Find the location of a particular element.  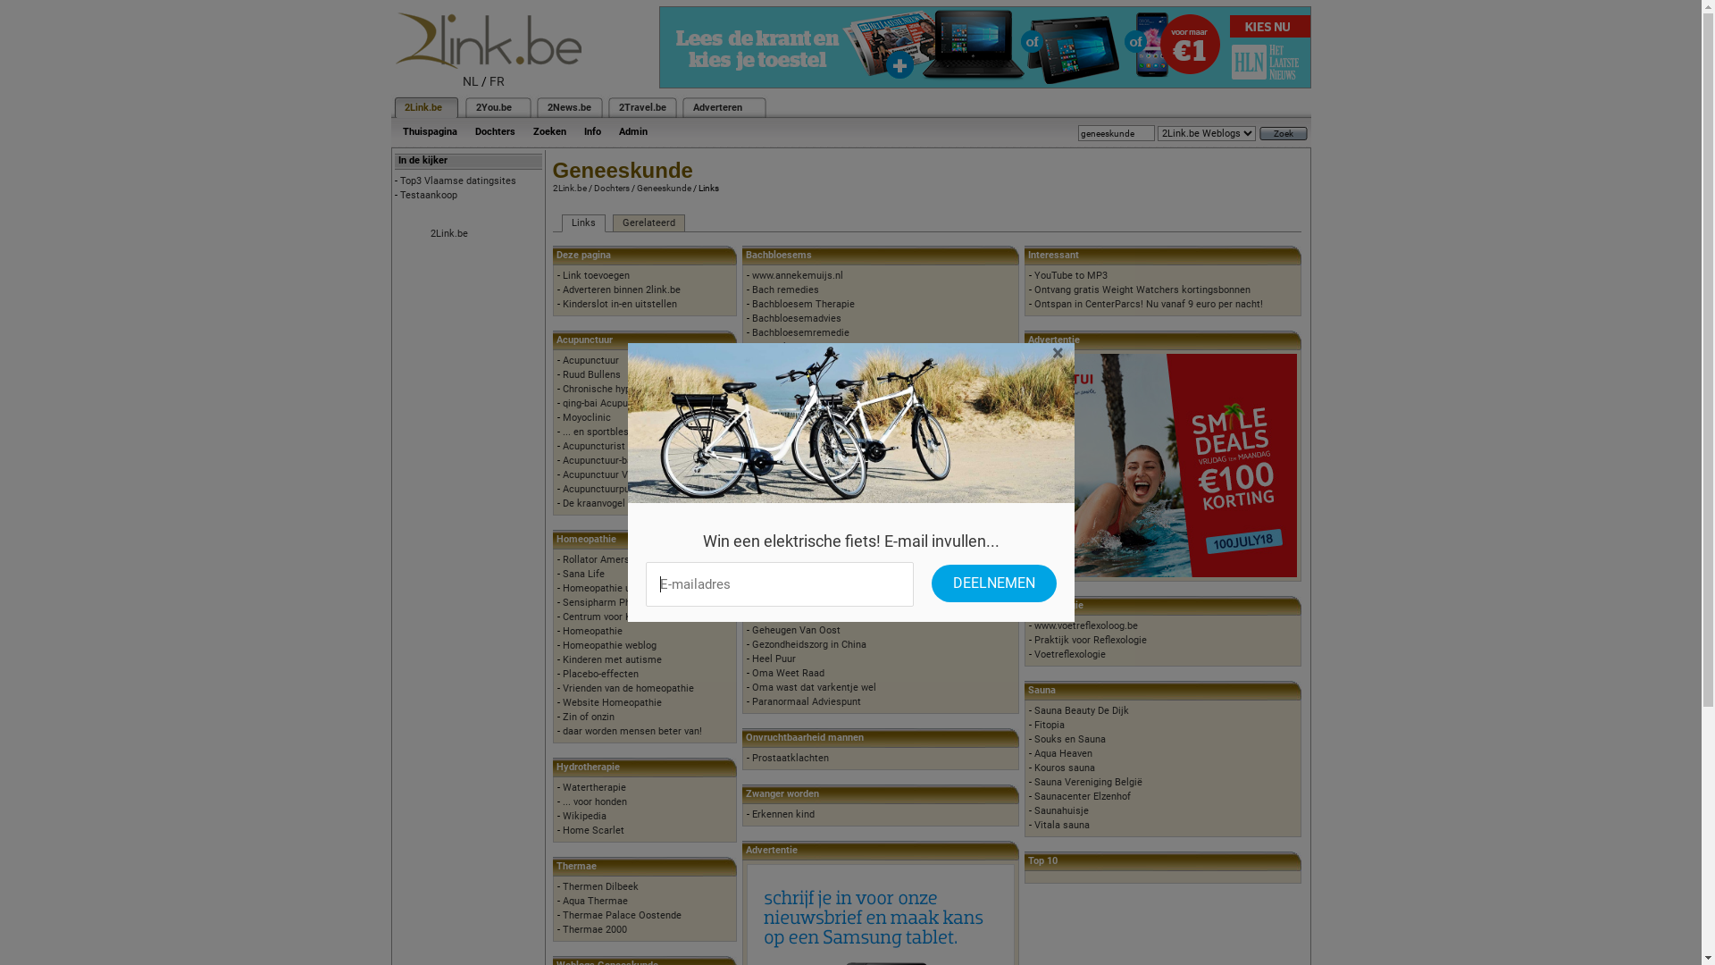

'Sana Life' is located at coordinates (561, 574).